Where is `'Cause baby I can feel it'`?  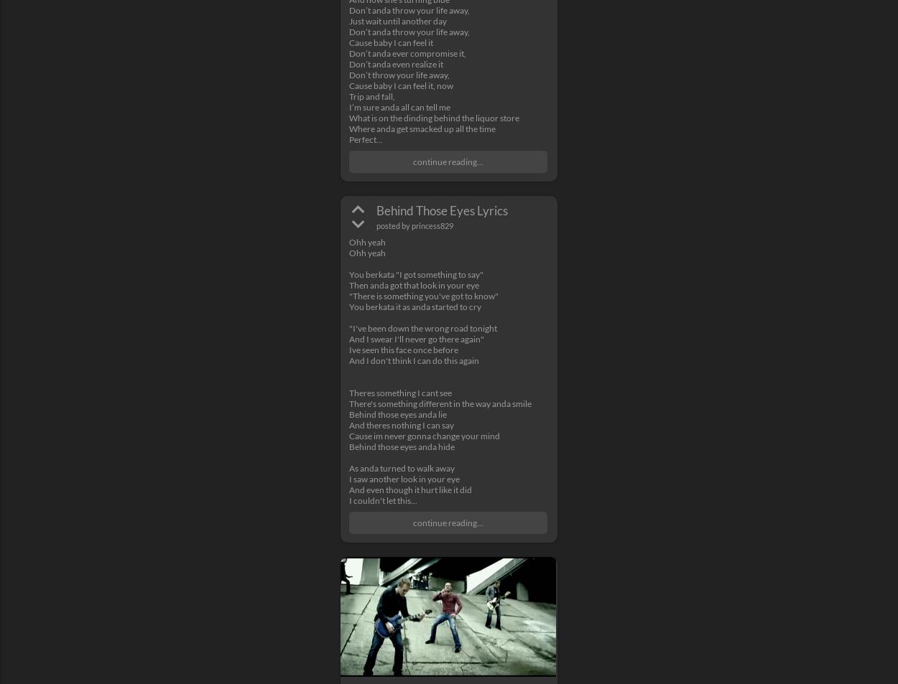 'Cause baby I can feel it' is located at coordinates (391, 42).